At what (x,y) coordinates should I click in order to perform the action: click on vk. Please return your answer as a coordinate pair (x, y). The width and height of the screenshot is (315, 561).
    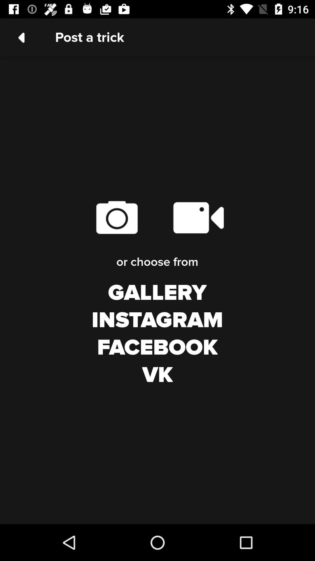
    Looking at the image, I should click on (157, 375).